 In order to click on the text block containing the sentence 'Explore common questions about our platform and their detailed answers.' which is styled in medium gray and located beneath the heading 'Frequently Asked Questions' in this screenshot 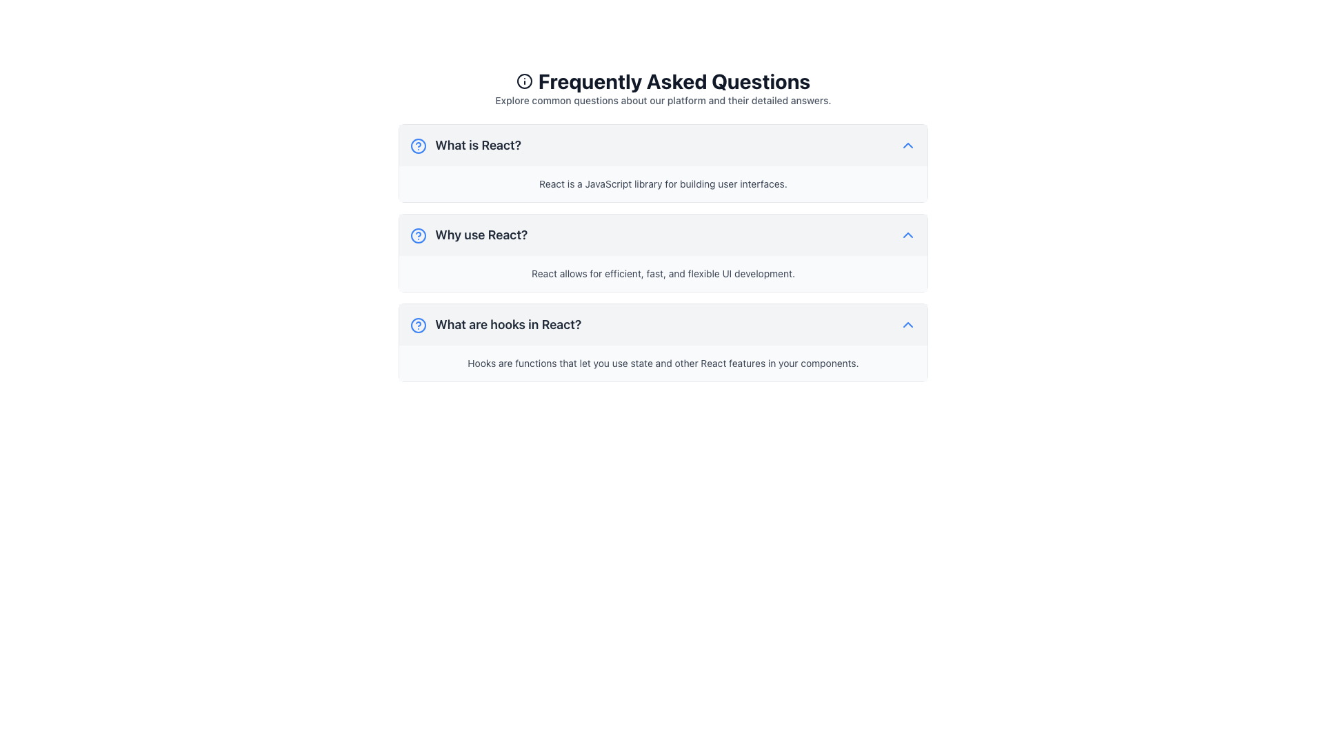, I will do `click(663, 100)`.